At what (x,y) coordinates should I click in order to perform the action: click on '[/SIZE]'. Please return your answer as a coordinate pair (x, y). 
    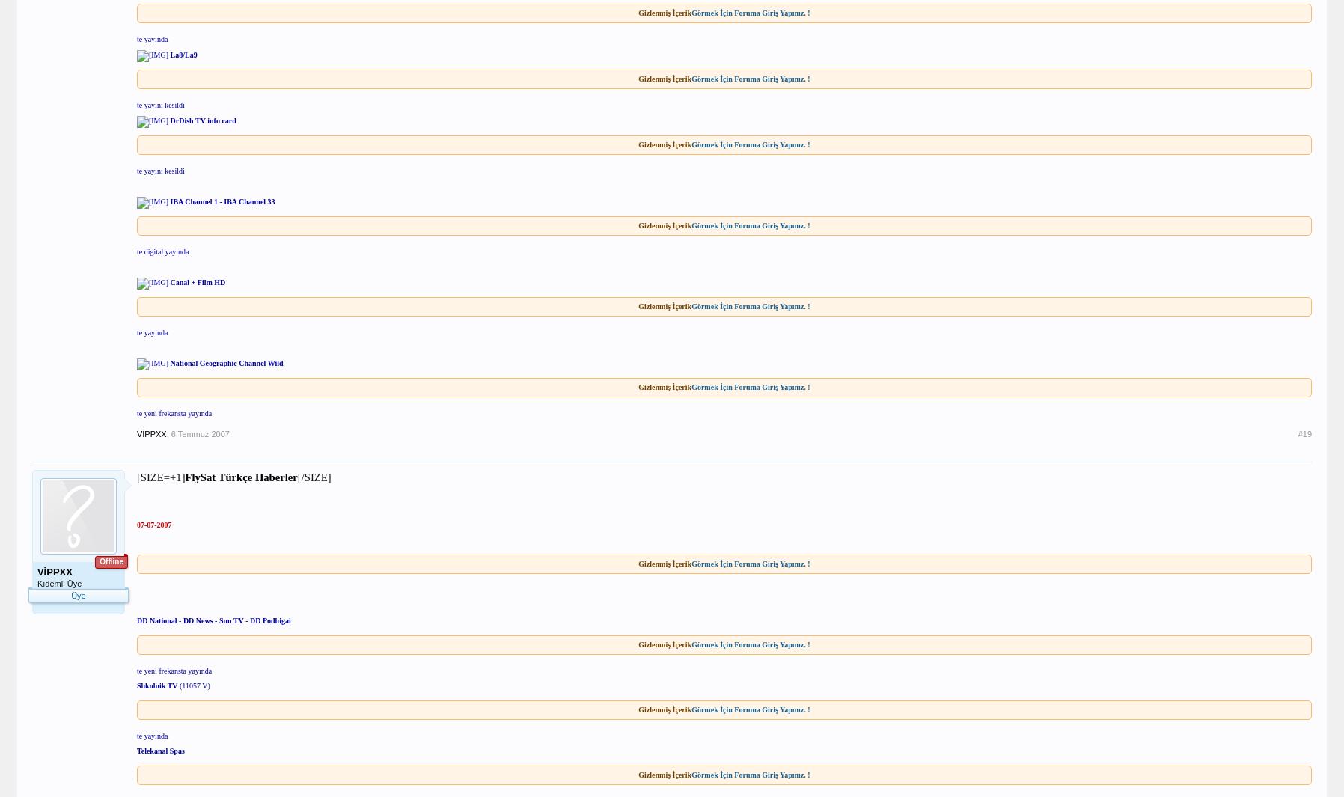
    Looking at the image, I should click on (314, 477).